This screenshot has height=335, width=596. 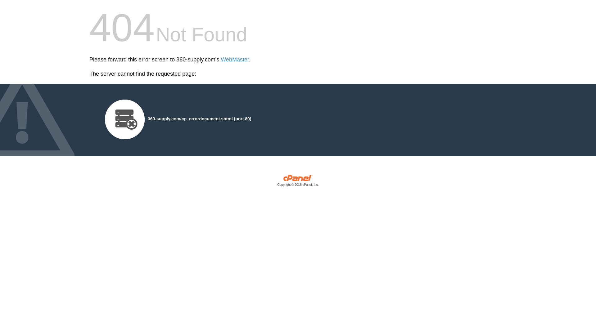 I want to click on 'WebMaster', so click(x=234, y=60).